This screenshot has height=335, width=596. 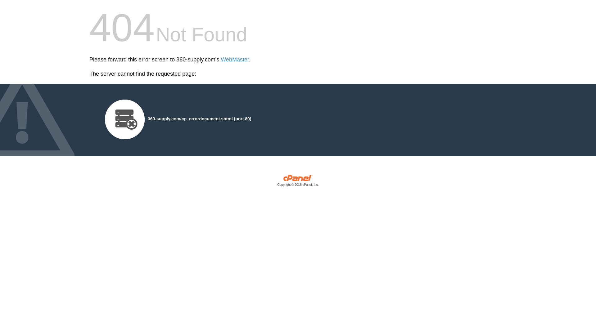 I want to click on 'WebMaster', so click(x=234, y=60).